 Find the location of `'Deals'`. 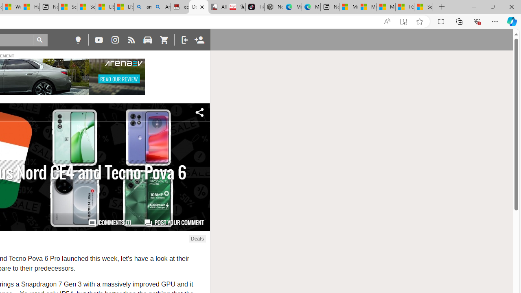

'Deals' is located at coordinates (197, 238).